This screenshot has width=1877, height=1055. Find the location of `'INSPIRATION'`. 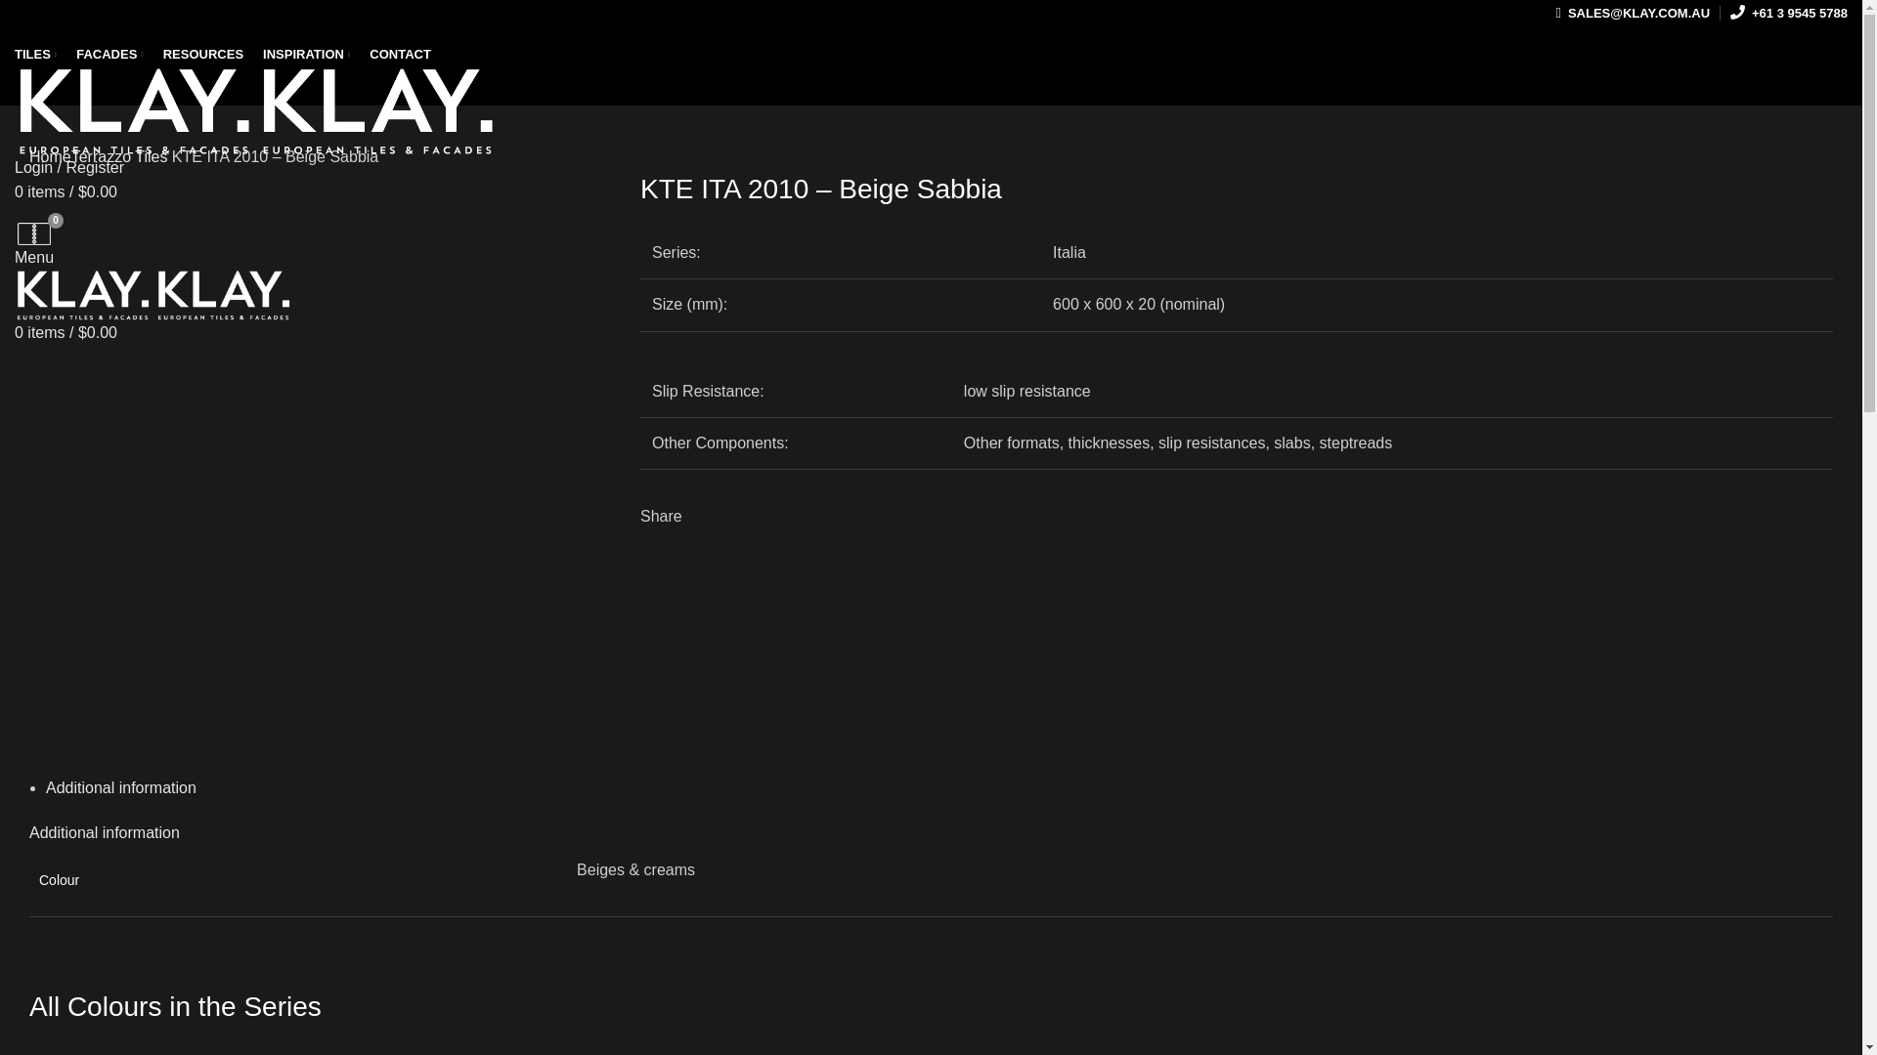

'INSPIRATION' is located at coordinates (305, 54).